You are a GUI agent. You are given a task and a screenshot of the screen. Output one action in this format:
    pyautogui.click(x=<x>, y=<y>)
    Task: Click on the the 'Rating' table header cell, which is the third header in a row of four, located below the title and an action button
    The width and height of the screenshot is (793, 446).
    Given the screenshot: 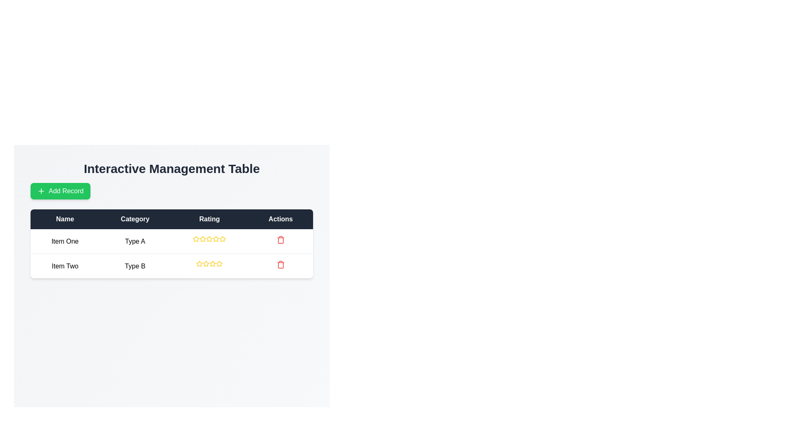 What is the action you would take?
    pyautogui.click(x=209, y=219)
    